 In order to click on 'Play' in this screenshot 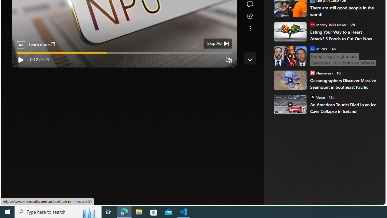, I will do `click(21, 60)`.